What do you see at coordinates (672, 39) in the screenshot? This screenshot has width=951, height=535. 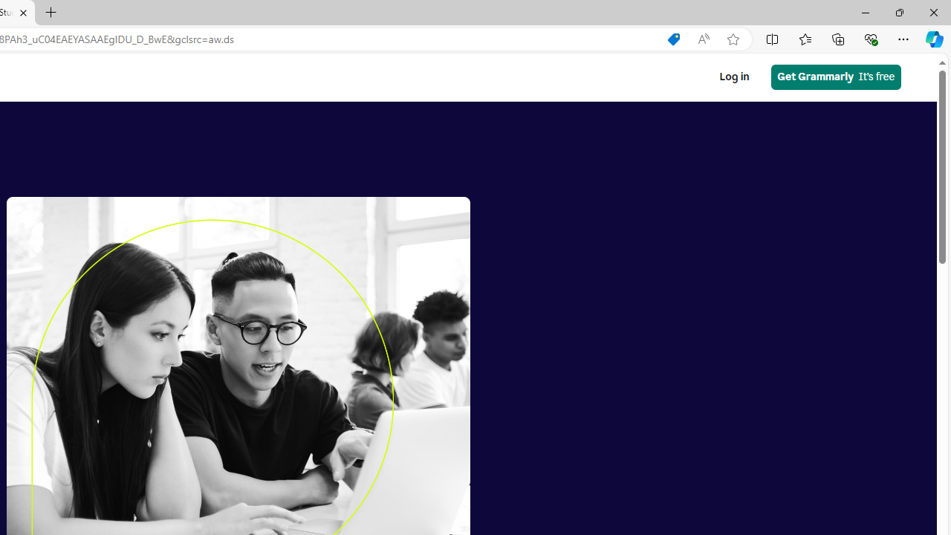 I see `'Shopping in Microsoft Edge'` at bounding box center [672, 39].